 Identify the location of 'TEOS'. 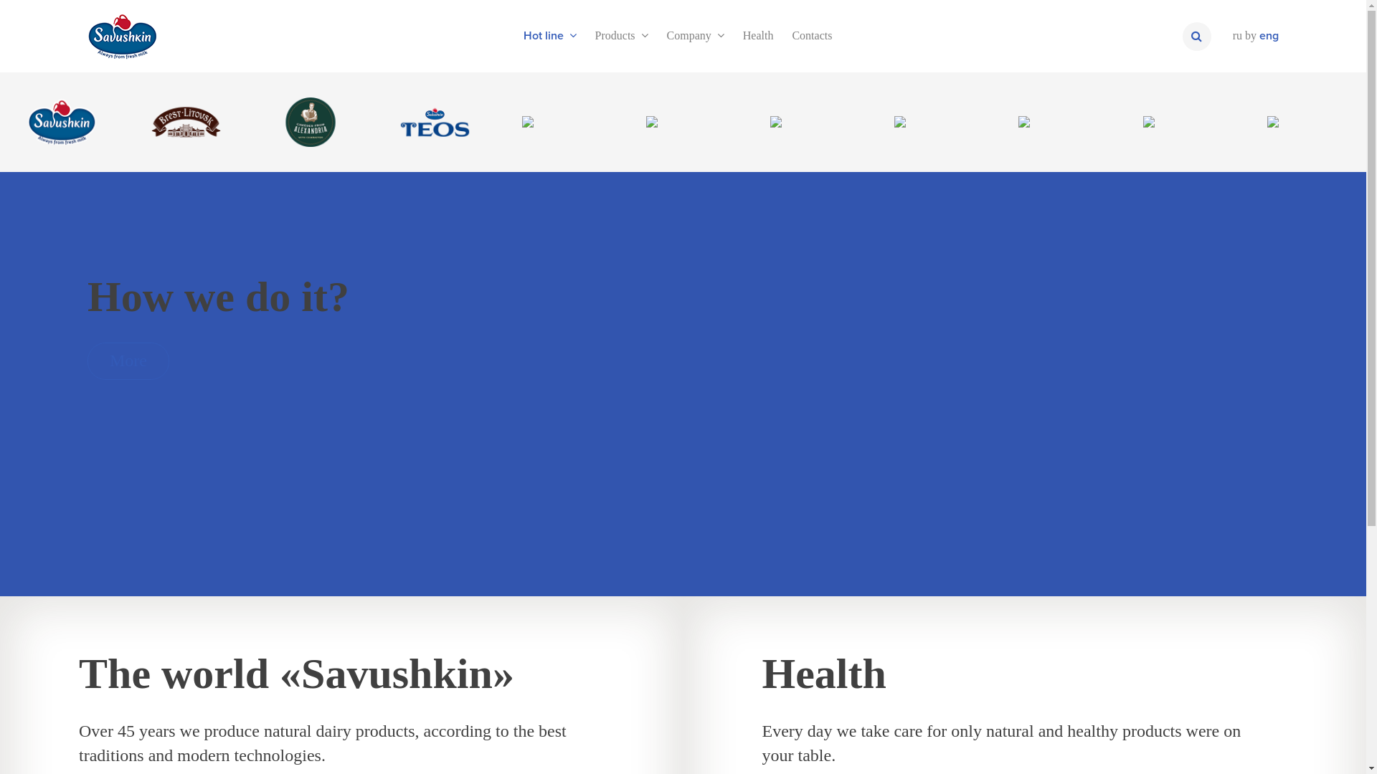
(434, 121).